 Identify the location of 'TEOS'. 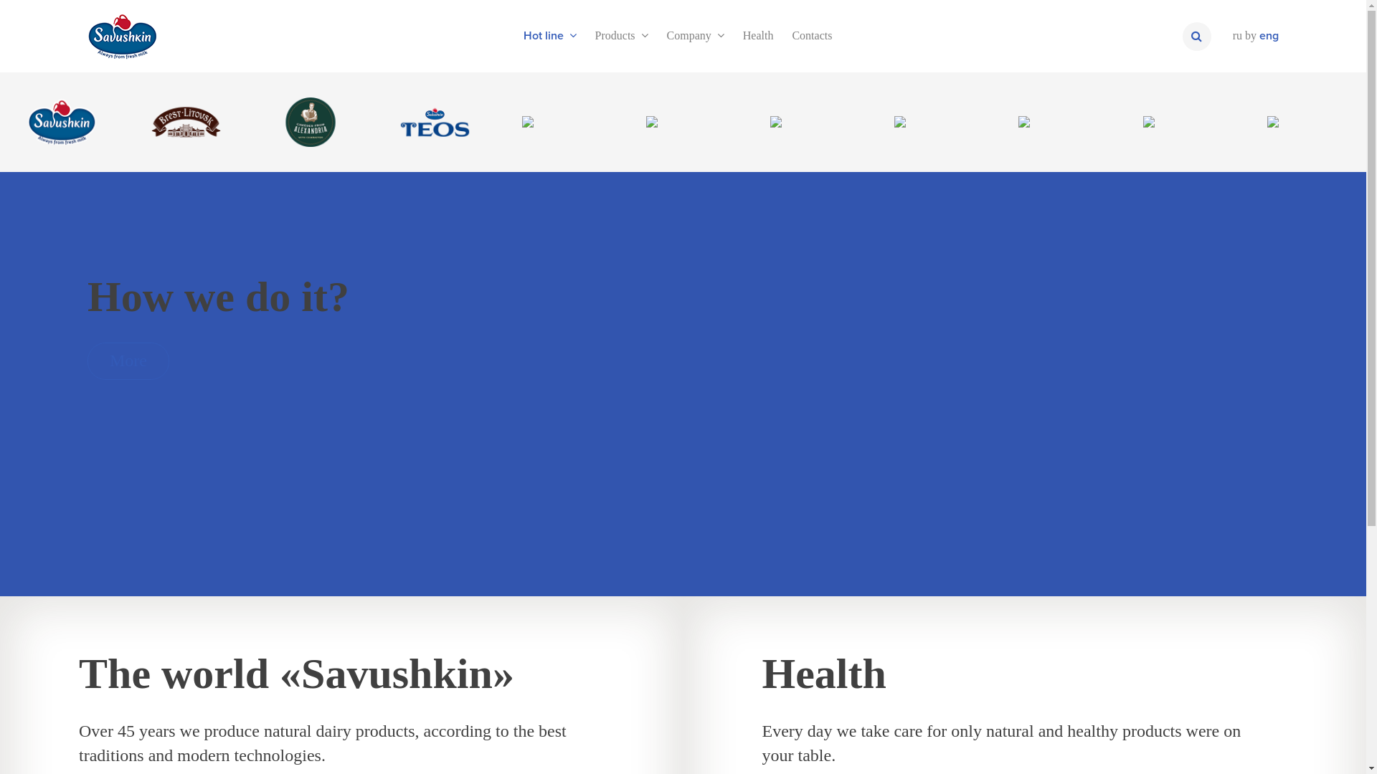
(434, 121).